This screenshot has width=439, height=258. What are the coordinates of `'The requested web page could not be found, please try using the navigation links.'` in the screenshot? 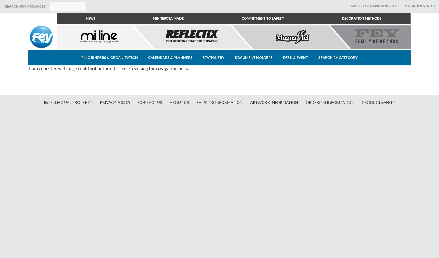 It's located at (28, 68).